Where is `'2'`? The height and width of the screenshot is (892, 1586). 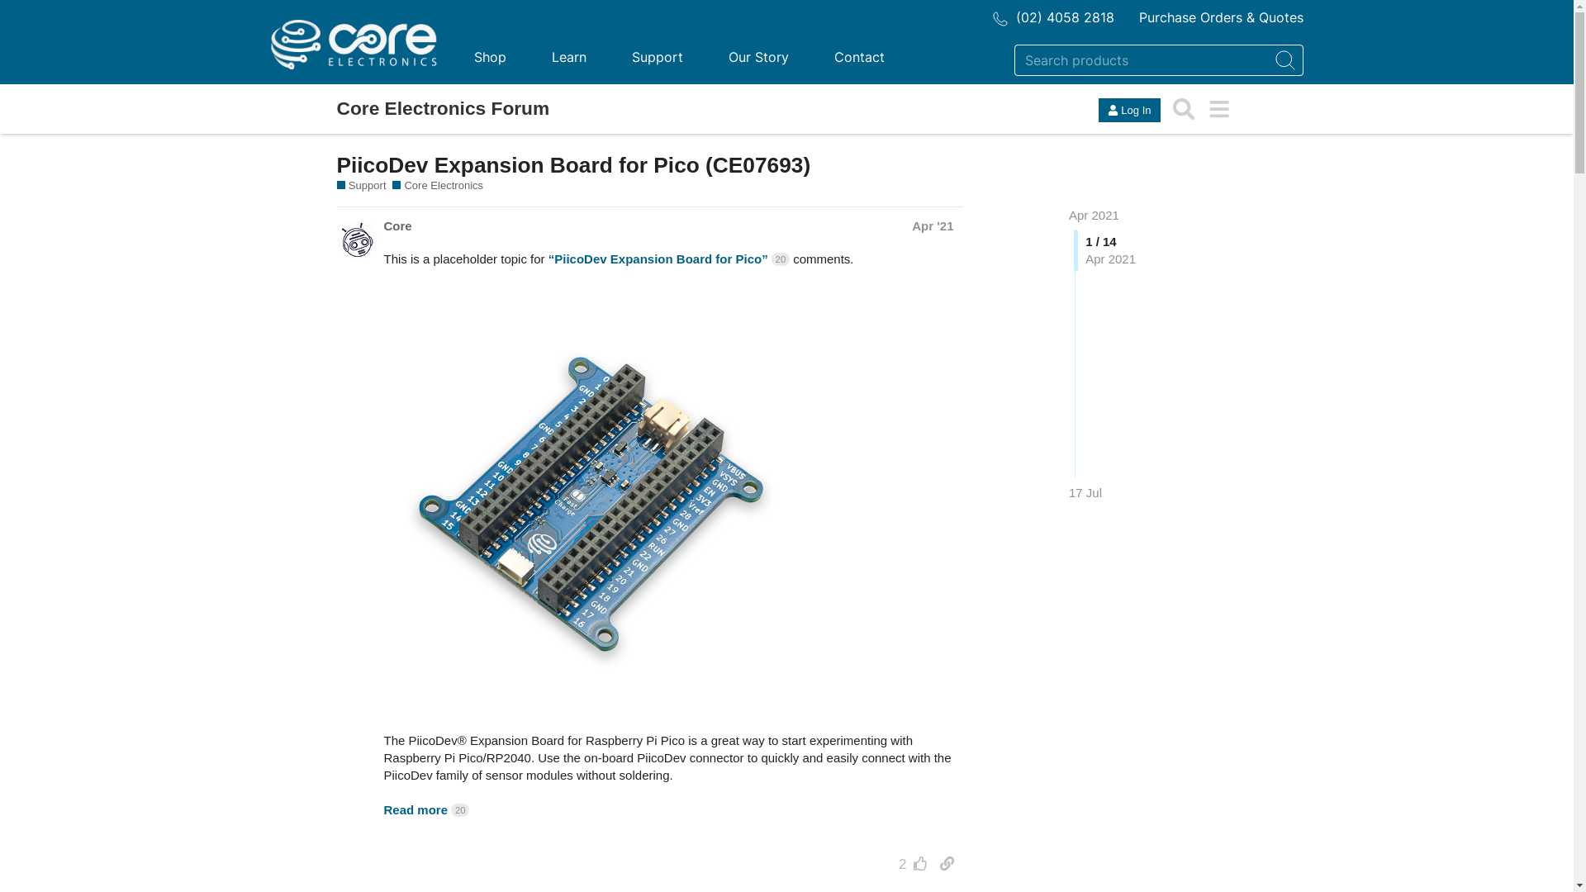 '2' is located at coordinates (908, 862).